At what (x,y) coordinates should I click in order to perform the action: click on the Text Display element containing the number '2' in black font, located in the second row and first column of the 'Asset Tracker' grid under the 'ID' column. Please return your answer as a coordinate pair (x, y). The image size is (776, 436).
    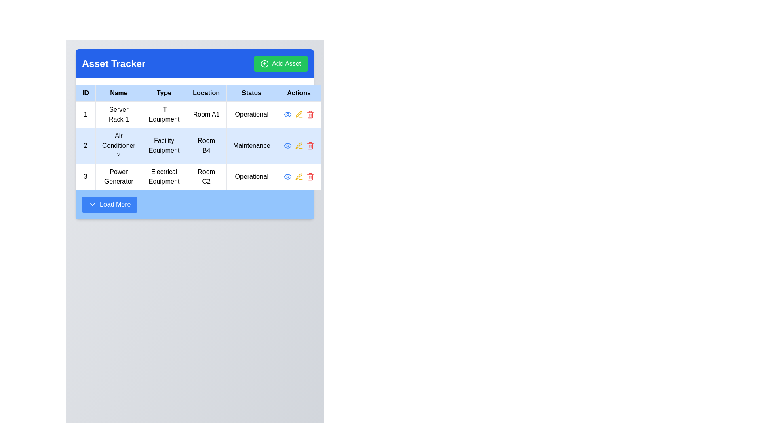
    Looking at the image, I should click on (85, 146).